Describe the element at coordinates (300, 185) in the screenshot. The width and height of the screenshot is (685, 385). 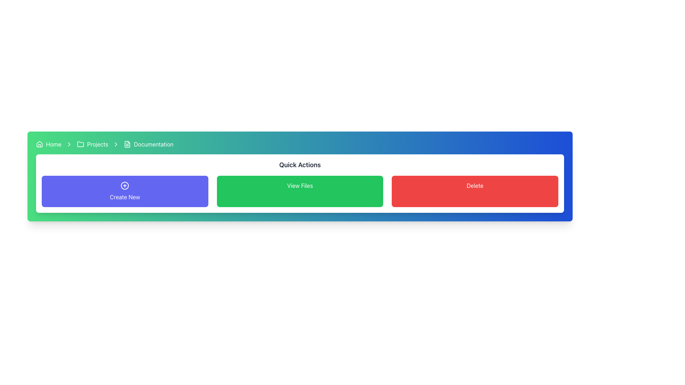
I see `the text label that indicates the purpose of the green 'View Files' button, which is positioned between the 'Create New' button and the 'Delete' button in the 'Quick Actions' row` at that location.